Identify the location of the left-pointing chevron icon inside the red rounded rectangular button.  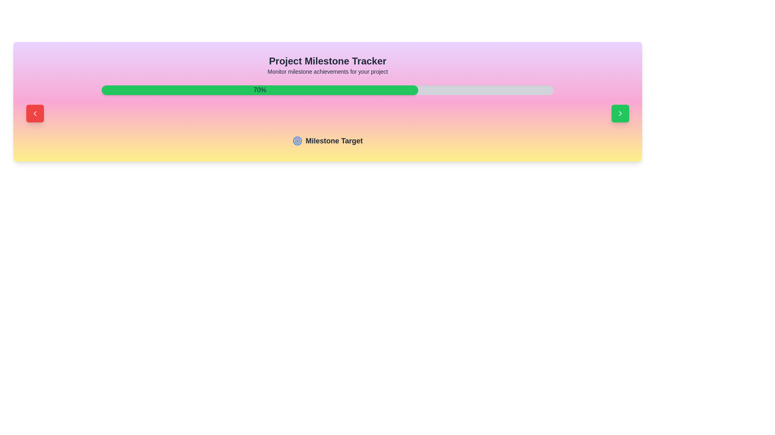
(34, 113).